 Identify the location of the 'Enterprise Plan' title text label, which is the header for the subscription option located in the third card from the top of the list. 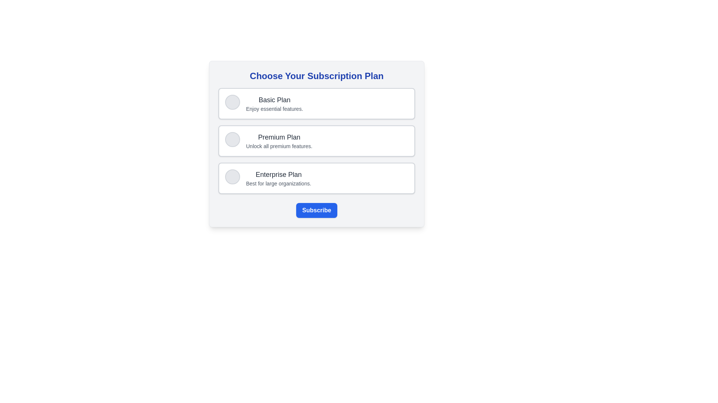
(278, 174).